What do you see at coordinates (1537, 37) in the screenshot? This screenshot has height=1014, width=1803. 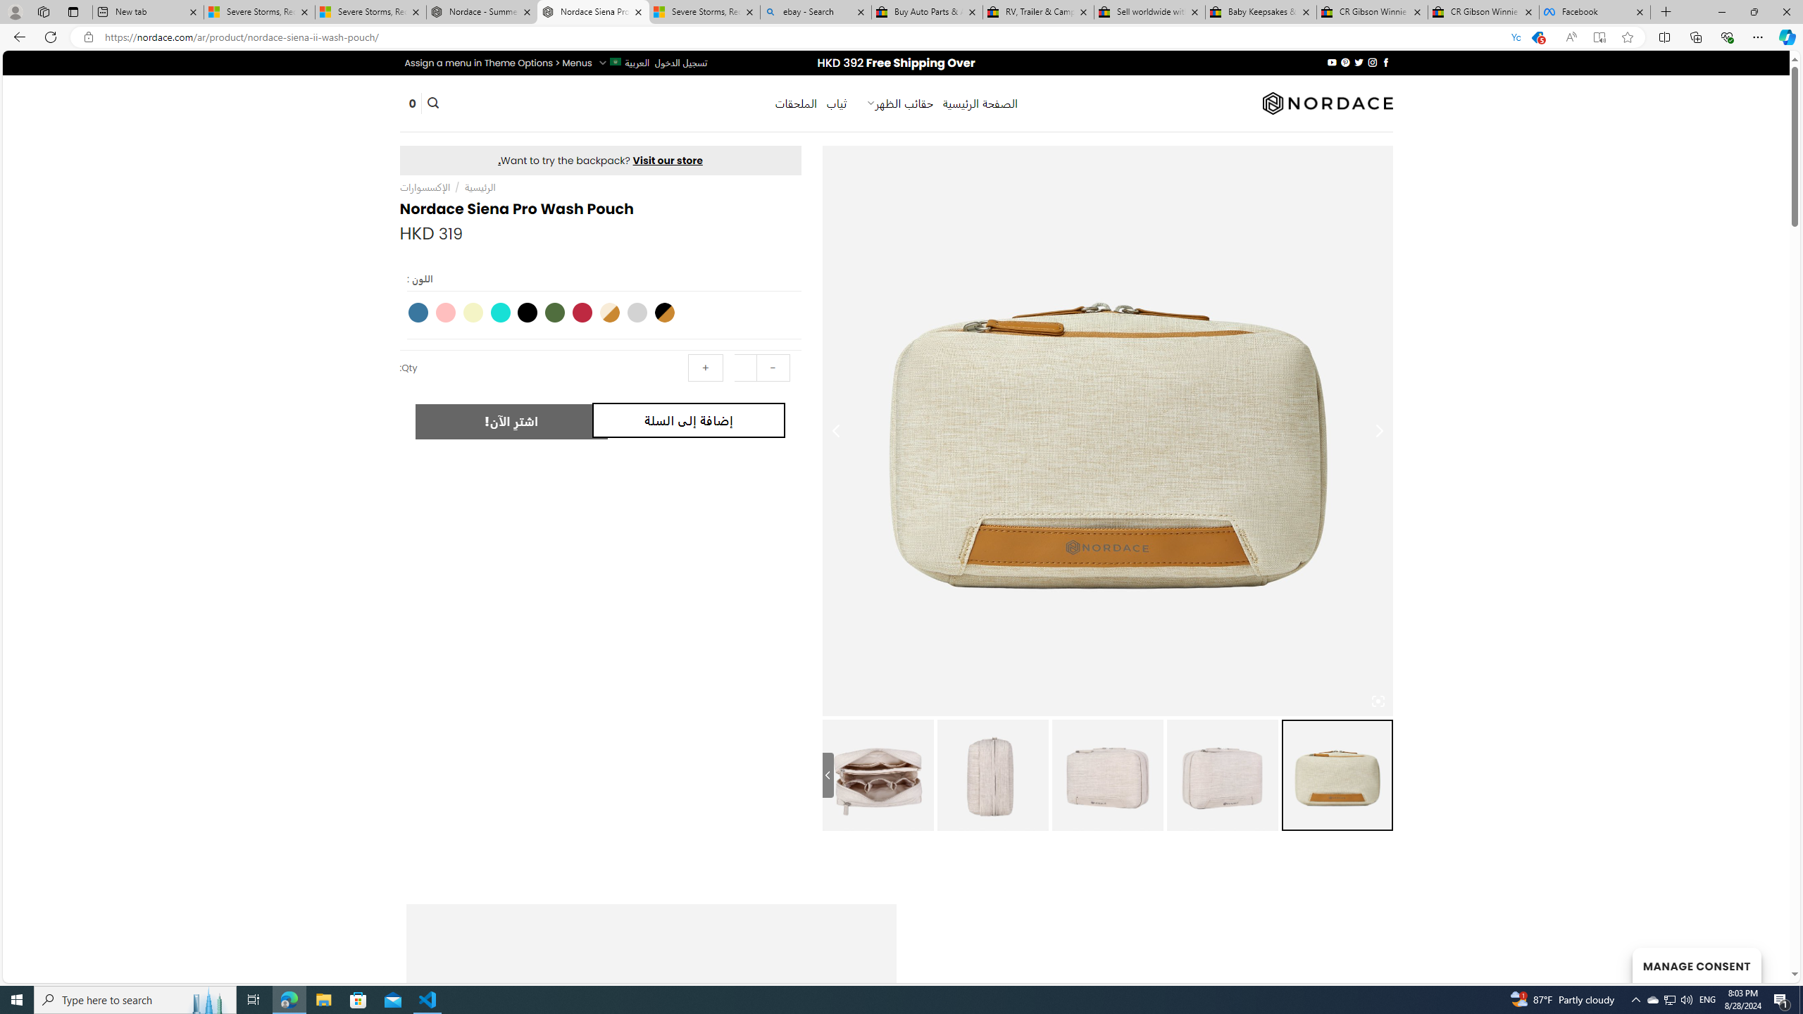 I see `'You have the best price!'` at bounding box center [1537, 37].